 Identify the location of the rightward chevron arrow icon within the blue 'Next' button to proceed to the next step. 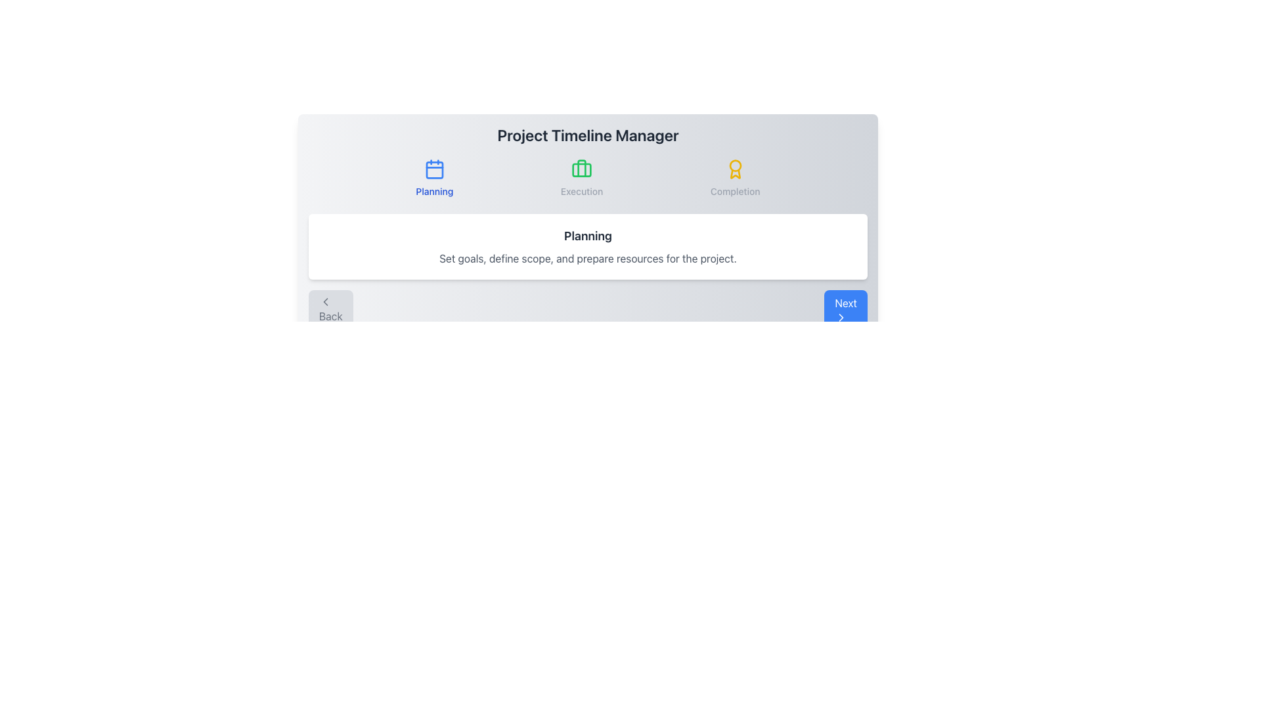
(841, 317).